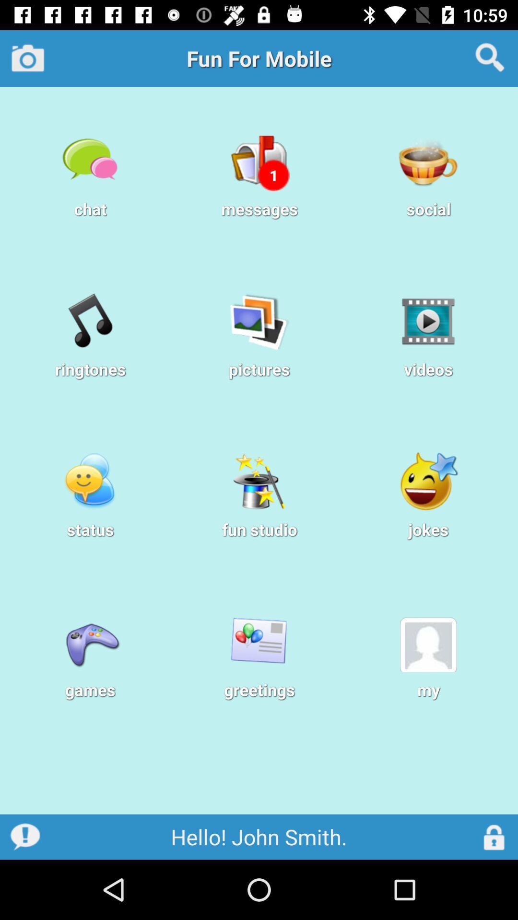 This screenshot has width=518, height=920. Describe the element at coordinates (27, 57) in the screenshot. I see `icon next to fun for mobile` at that location.